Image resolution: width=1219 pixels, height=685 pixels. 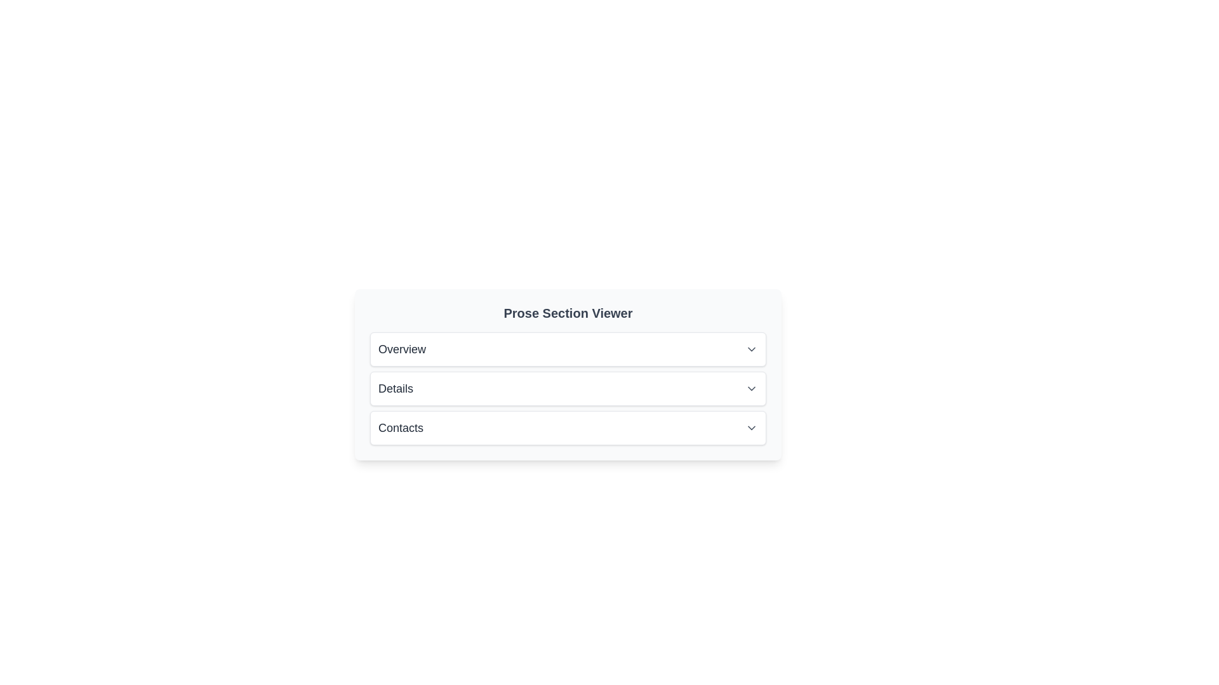 What do you see at coordinates (567, 388) in the screenshot?
I see `the 'Details' expandable card or tab located in the middle of the three stacked cards under the 'Prose Section Viewer'` at bounding box center [567, 388].